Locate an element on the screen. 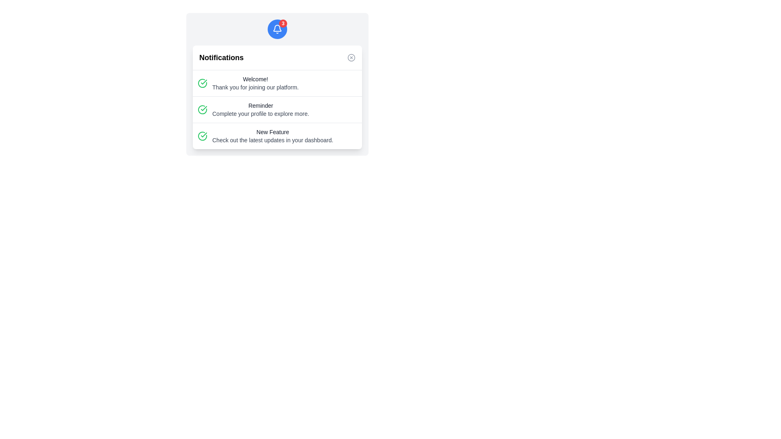 This screenshot has height=439, width=781. the success icon located to the left of the 'Welcome!' heading text in the first notification is located at coordinates (203, 83).